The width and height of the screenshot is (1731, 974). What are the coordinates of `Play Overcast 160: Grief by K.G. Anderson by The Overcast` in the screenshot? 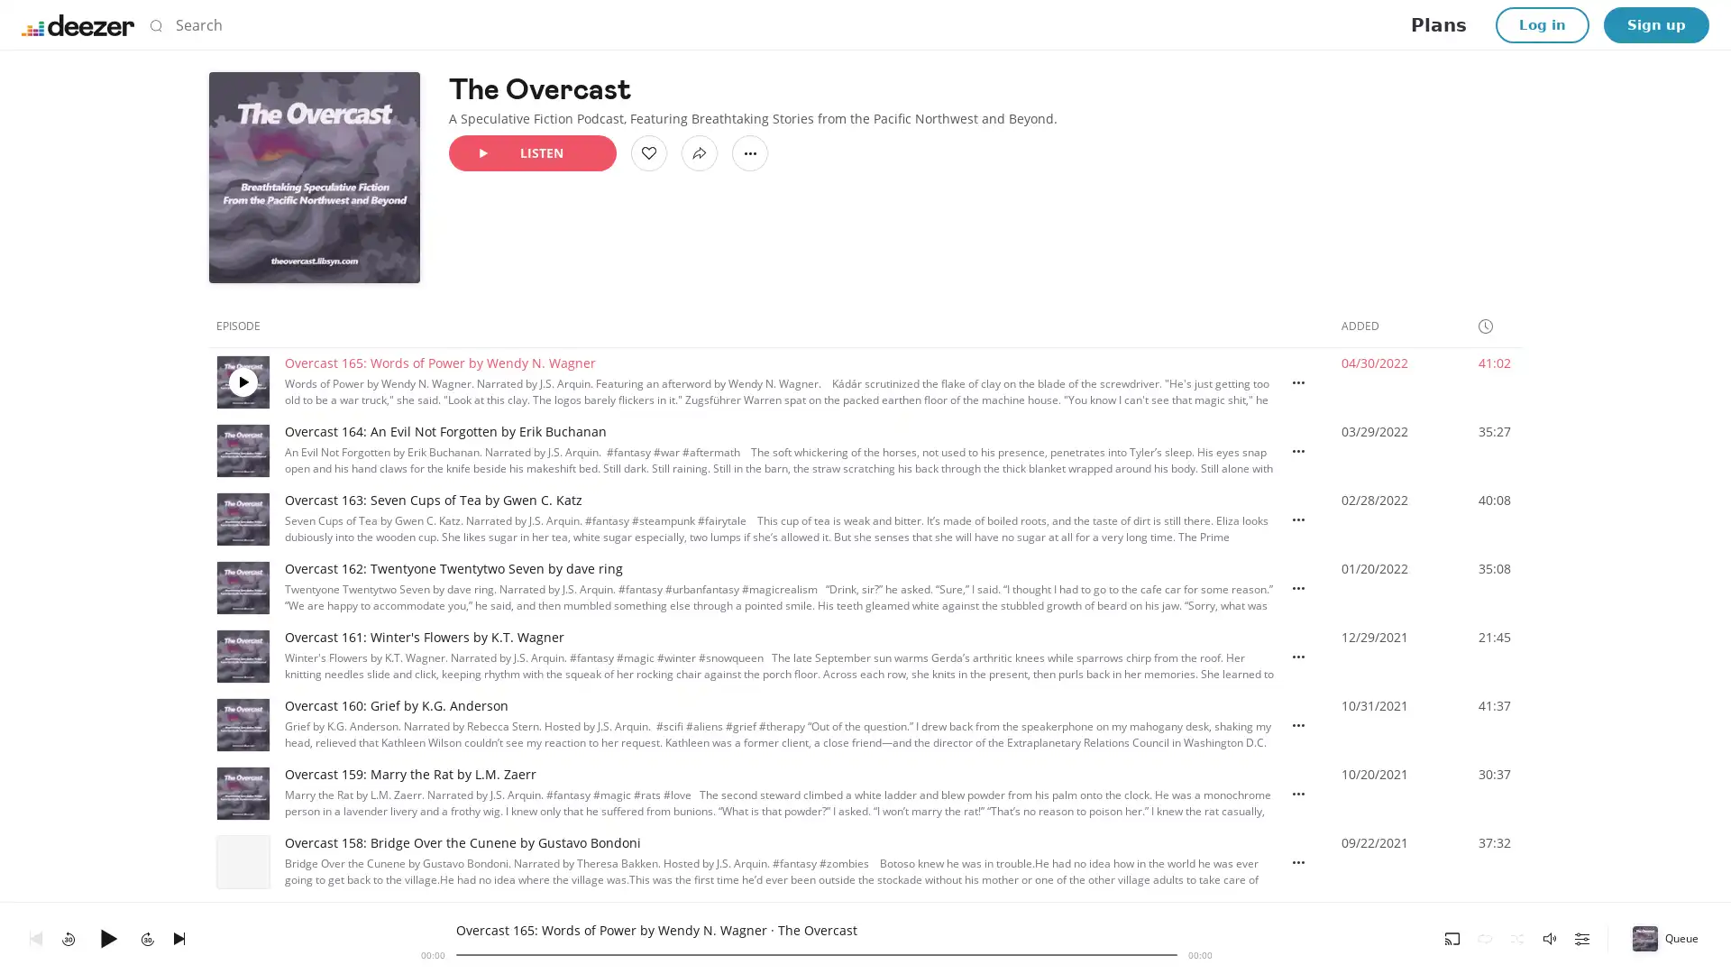 It's located at (242, 723).